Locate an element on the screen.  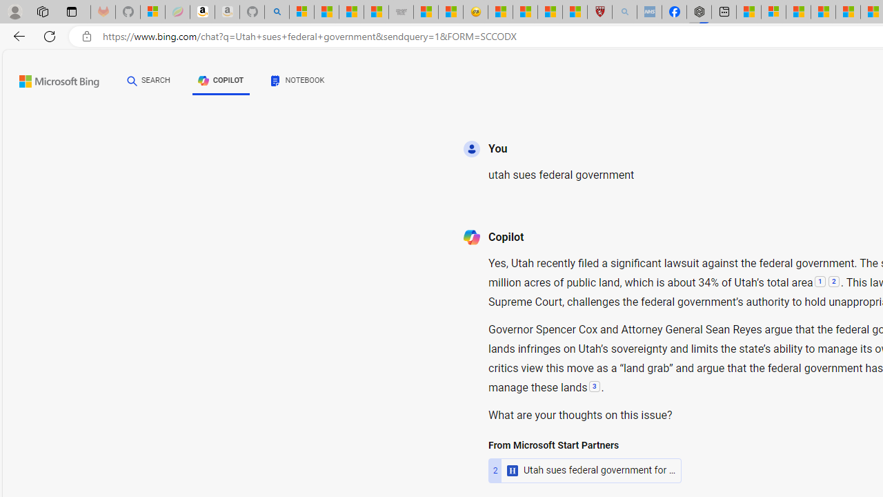
'2Utah sues federal government for control of public lands' is located at coordinates (585, 469).